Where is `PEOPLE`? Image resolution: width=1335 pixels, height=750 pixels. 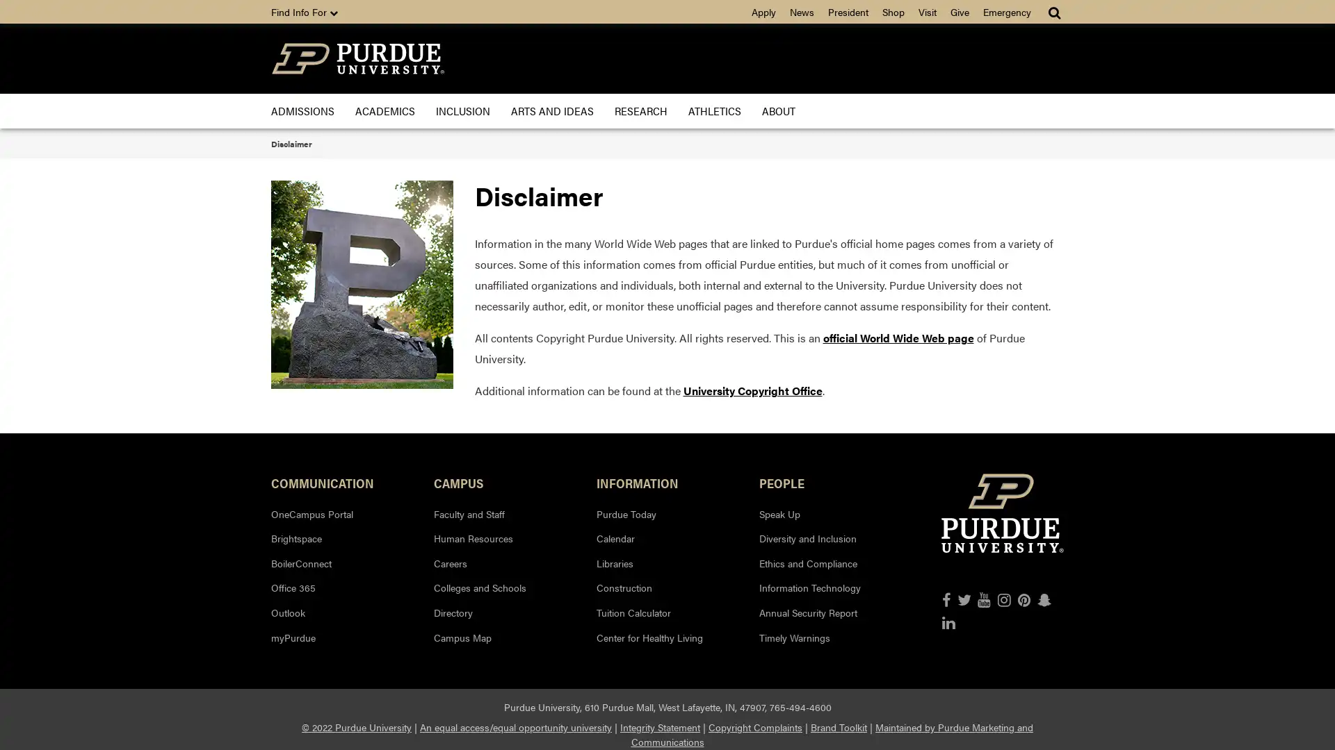 PEOPLE is located at coordinates (830, 478).